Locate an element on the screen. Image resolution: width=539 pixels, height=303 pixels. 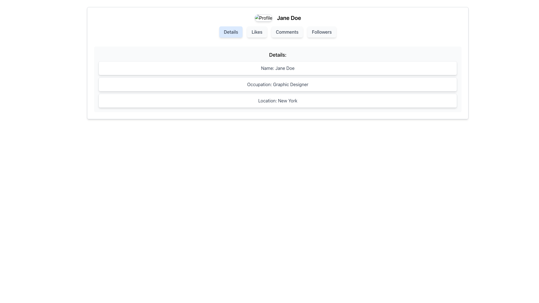
the 'Jane Doe' profile name text in the profile header to potentially display additional information is located at coordinates (278, 18).